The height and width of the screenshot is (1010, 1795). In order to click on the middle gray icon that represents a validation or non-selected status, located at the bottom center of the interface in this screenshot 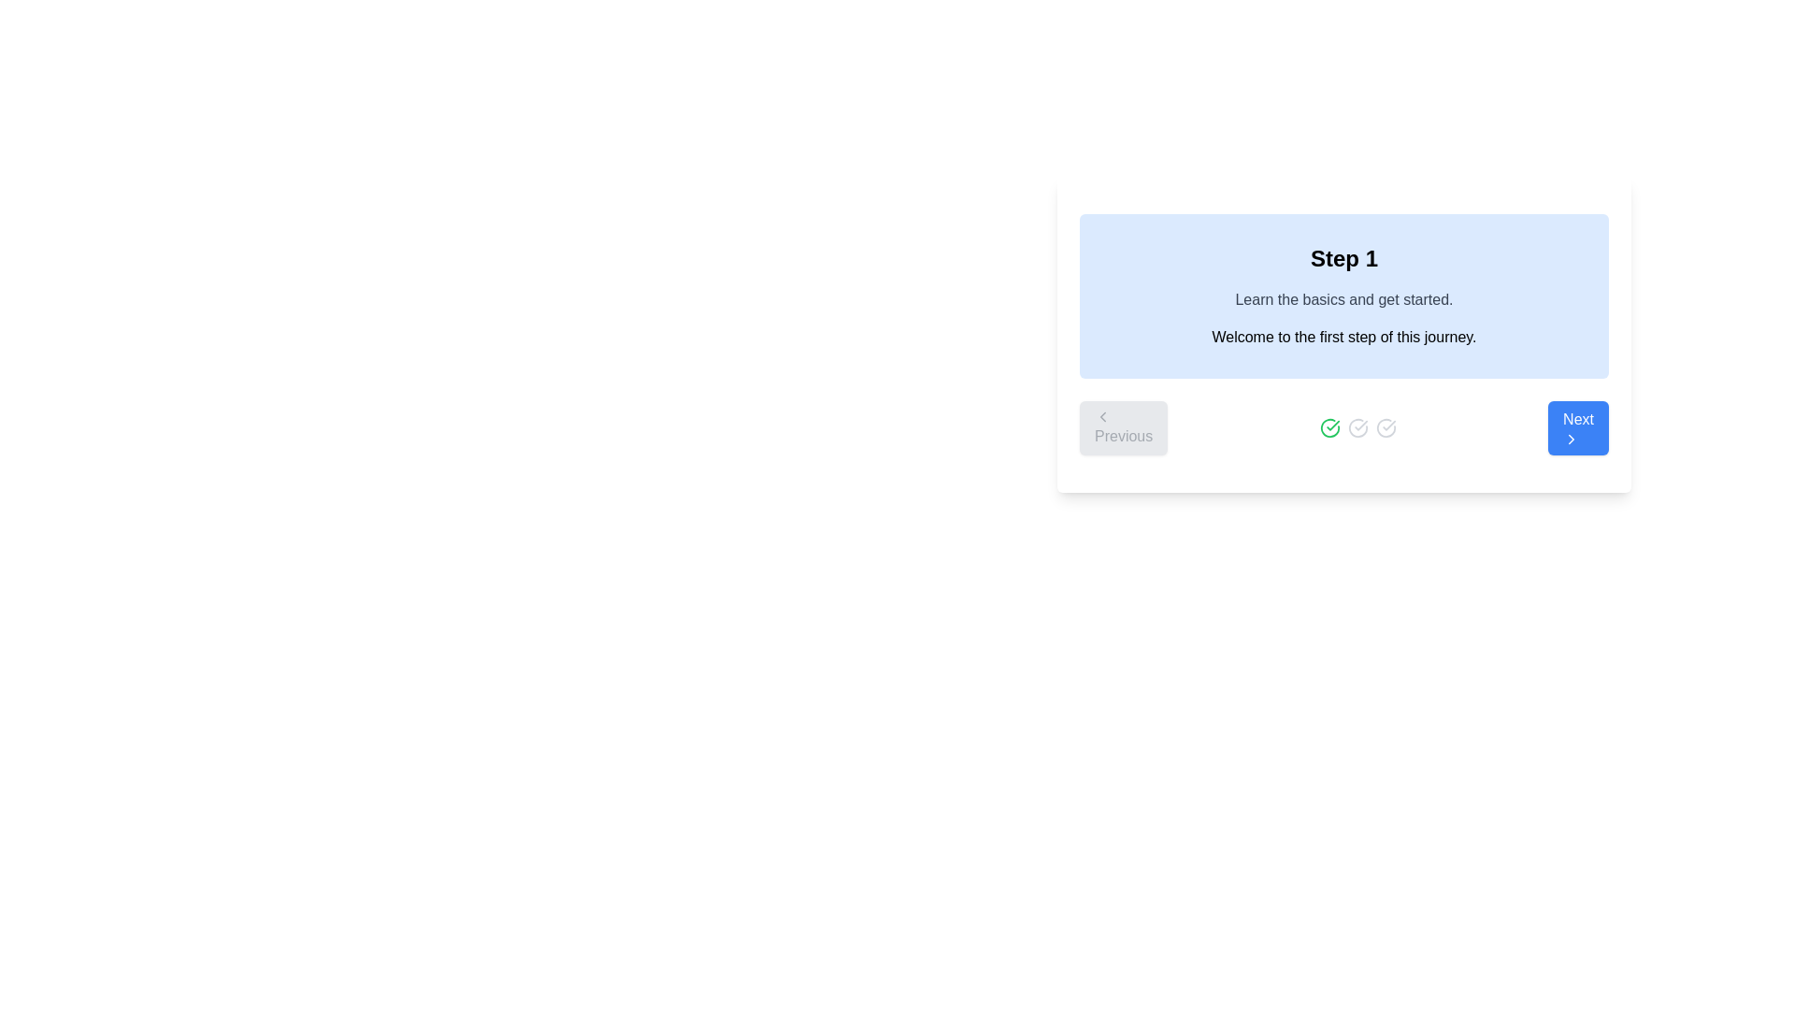, I will do `click(1357, 428)`.